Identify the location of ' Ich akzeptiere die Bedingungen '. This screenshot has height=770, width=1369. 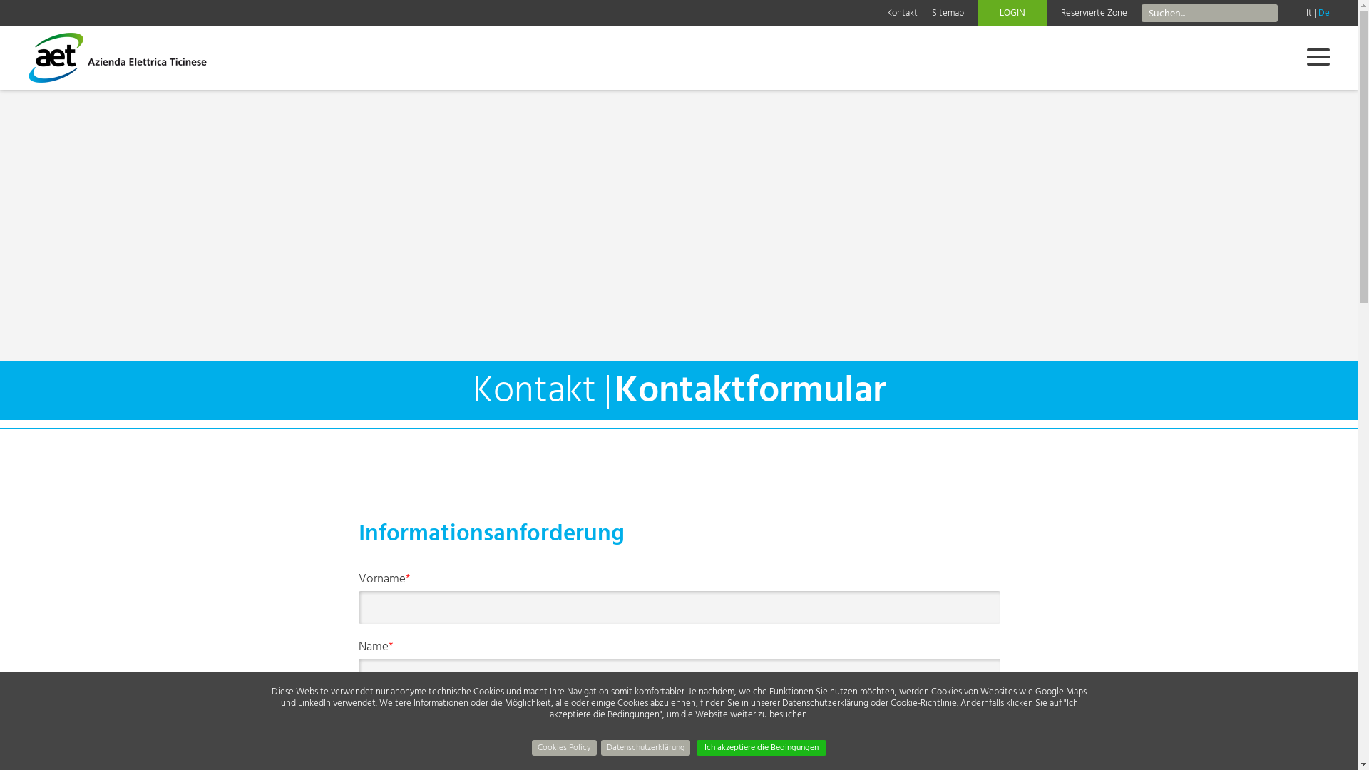
(761, 747).